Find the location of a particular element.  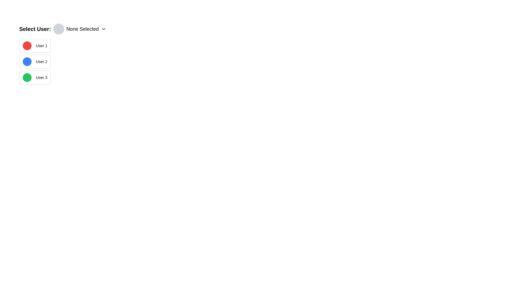

the dropdown menu indicator icon located immediately to the right of the text 'None Selected' is located at coordinates (103, 29).